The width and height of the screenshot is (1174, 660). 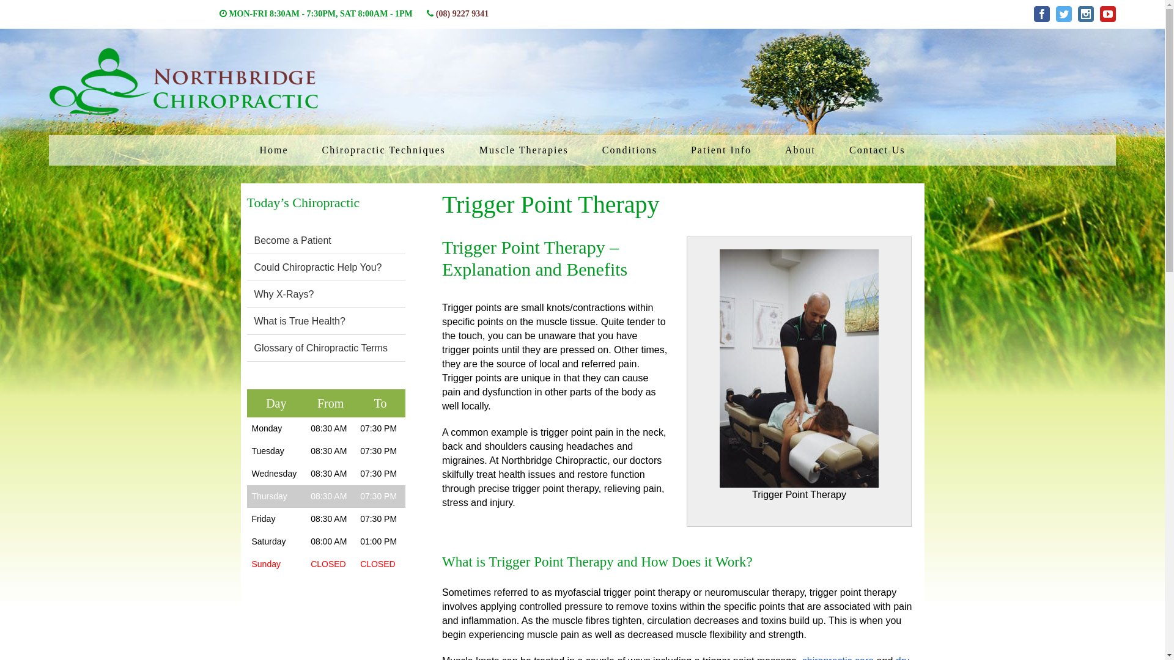 What do you see at coordinates (630, 150) in the screenshot?
I see `'Conditions'` at bounding box center [630, 150].